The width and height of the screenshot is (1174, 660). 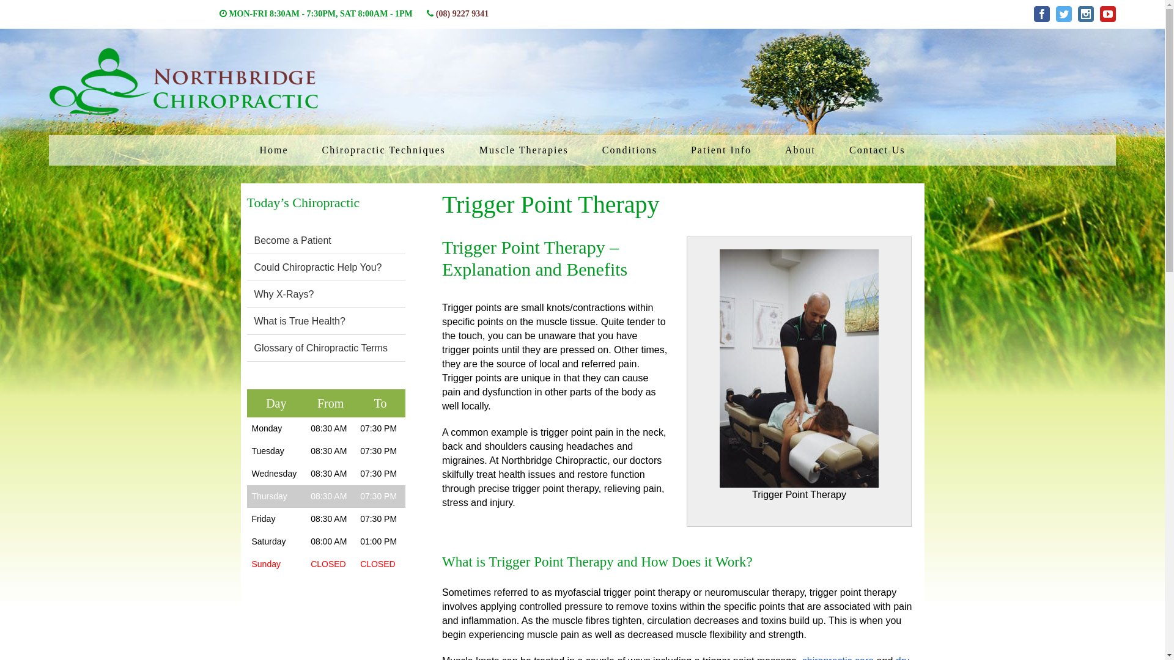 What do you see at coordinates (630, 150) in the screenshot?
I see `'Conditions'` at bounding box center [630, 150].